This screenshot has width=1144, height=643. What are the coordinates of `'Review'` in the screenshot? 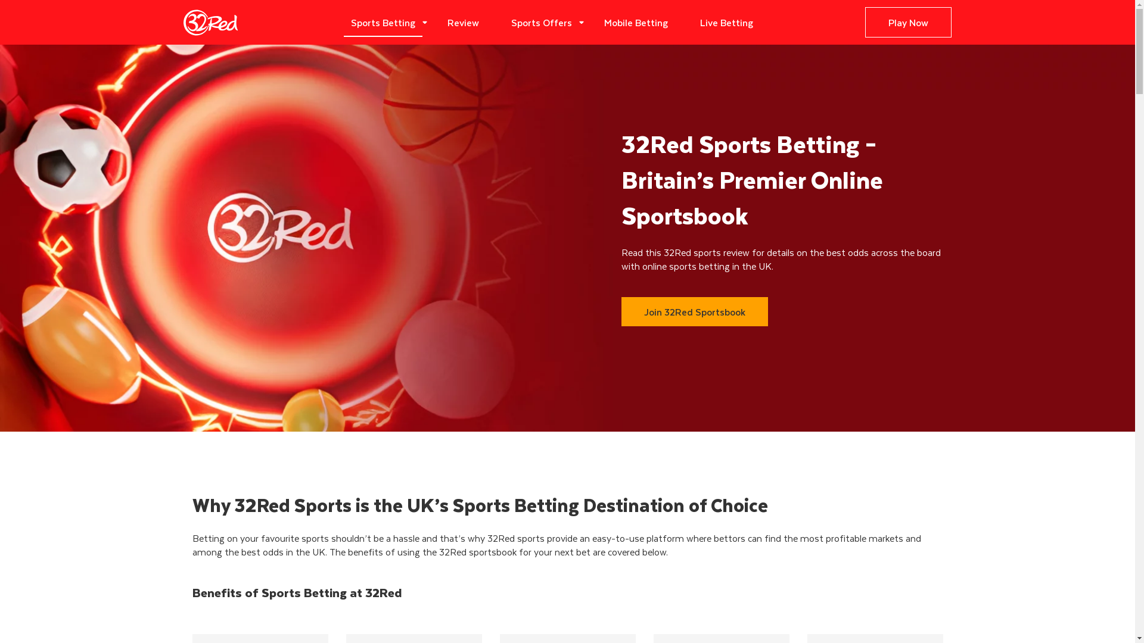 It's located at (440, 22).